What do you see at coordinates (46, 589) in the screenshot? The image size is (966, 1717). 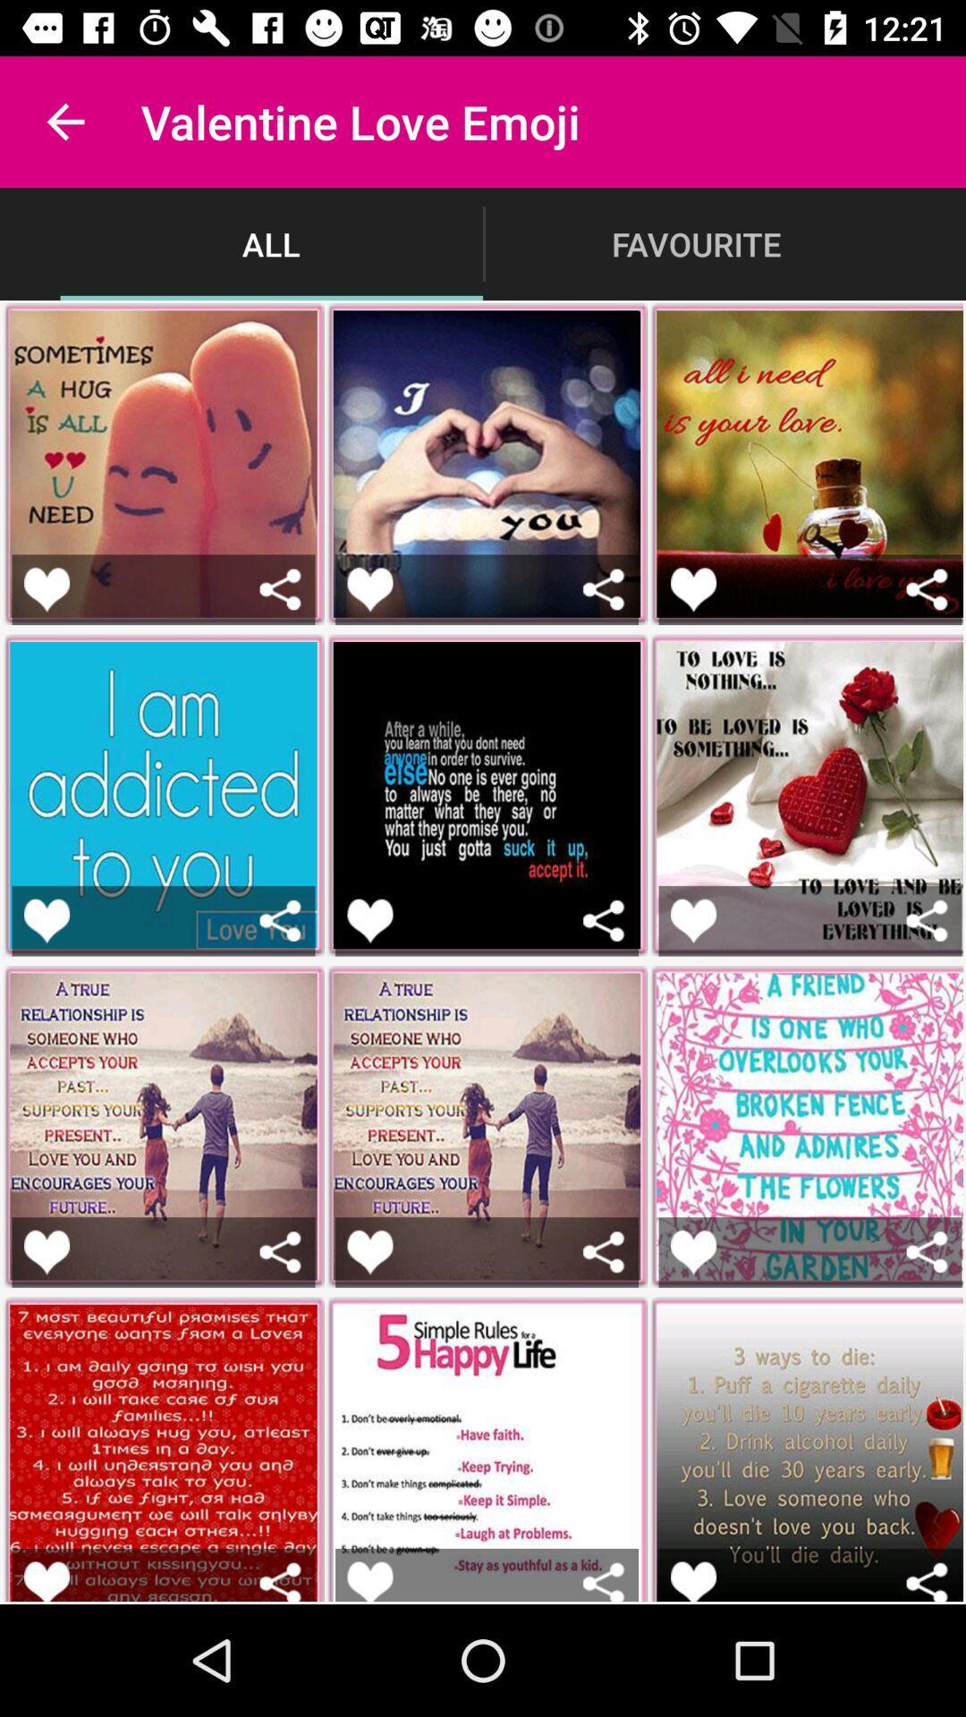 I see `button` at bounding box center [46, 589].